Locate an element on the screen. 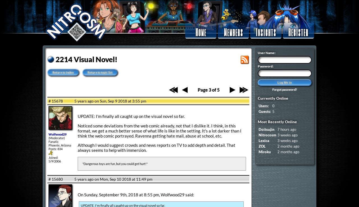 The width and height of the screenshot is (359, 207). 'On Sunday, September 9th, 2018 at 8:55 pm, Wolfwood29 said:' is located at coordinates (77, 194).